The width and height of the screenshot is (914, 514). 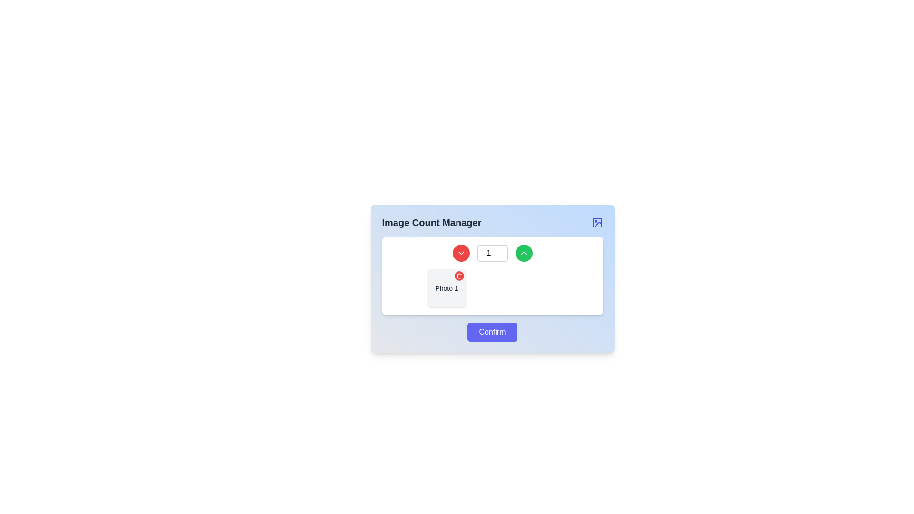 I want to click on the small indigo blue icon resembling a picture frame with a mountain and a circle located in the upper-right corner of the 'Image Count Manager' panel, so click(x=596, y=222).